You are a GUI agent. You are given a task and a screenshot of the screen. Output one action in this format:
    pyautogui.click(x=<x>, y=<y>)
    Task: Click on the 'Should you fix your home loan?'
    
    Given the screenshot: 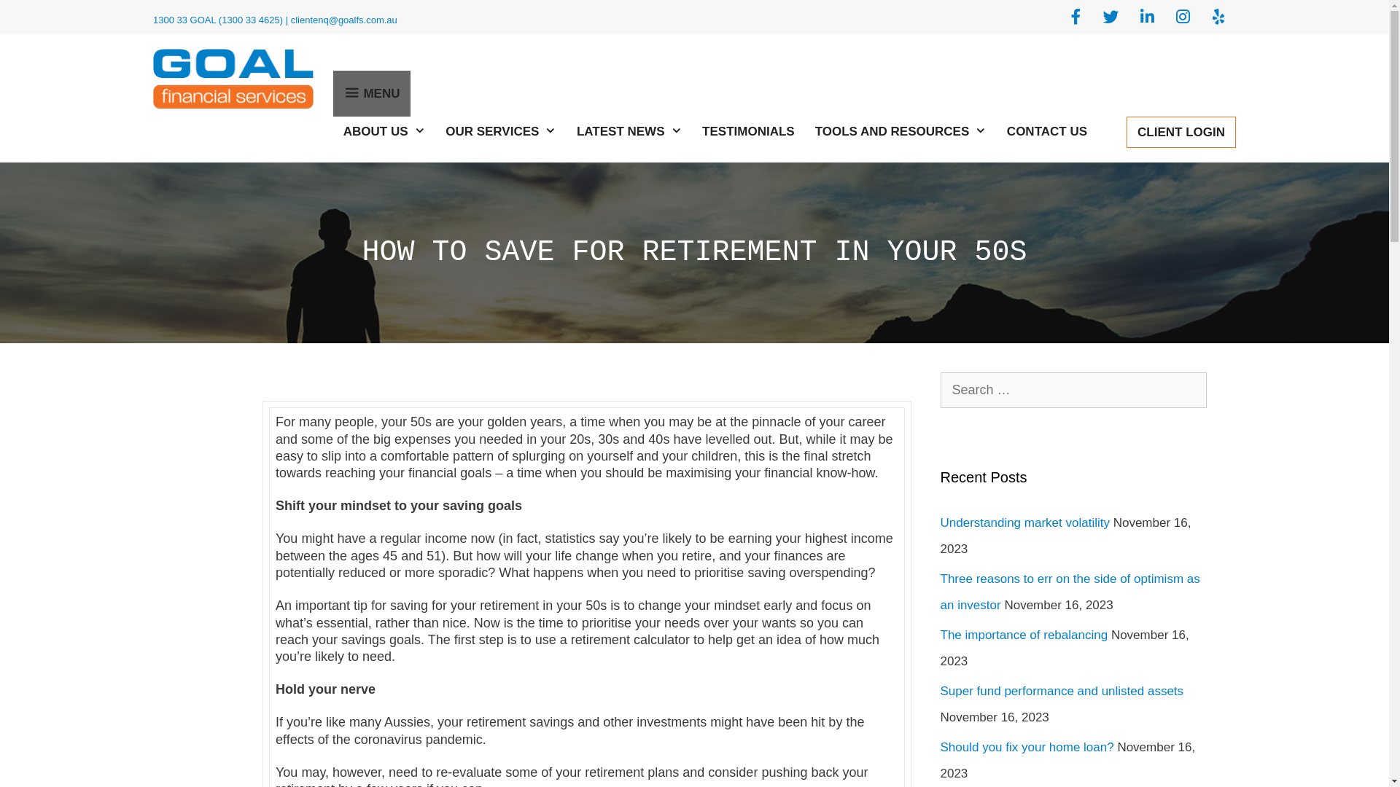 What is the action you would take?
    pyautogui.click(x=1027, y=747)
    